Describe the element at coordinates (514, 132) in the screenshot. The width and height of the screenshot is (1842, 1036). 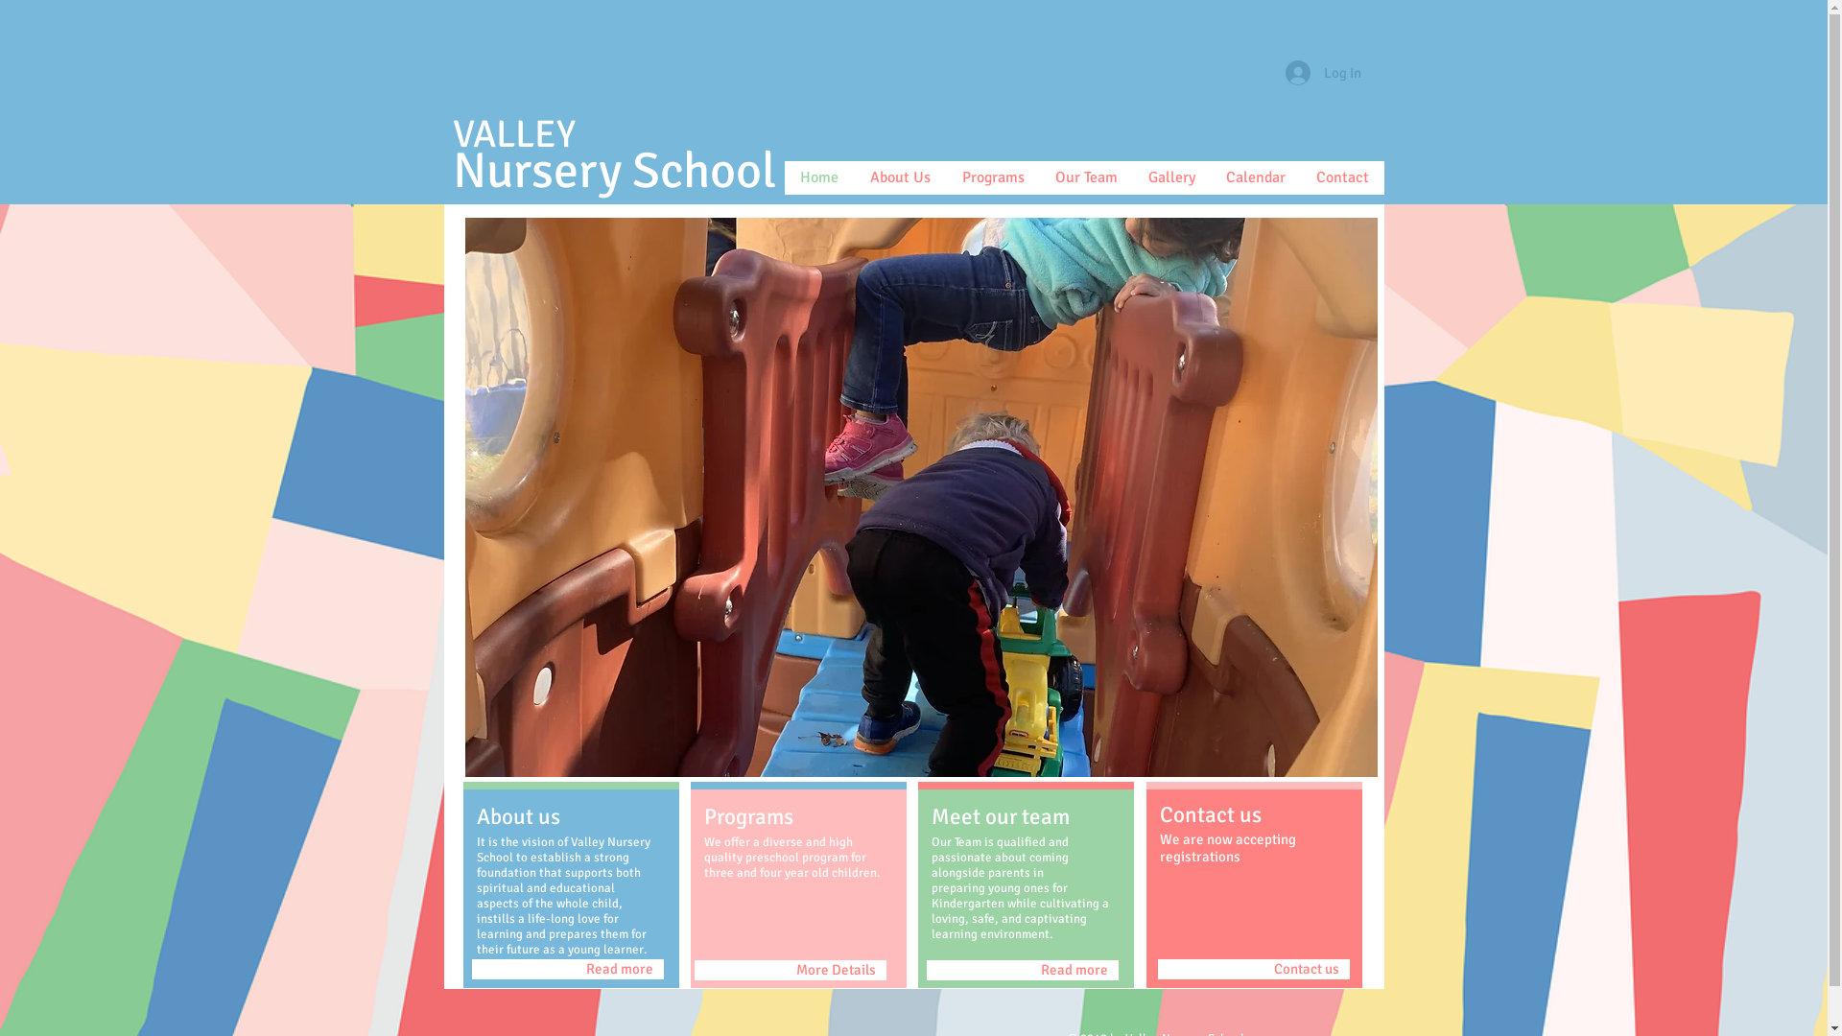
I see `'VALLEY'` at that location.